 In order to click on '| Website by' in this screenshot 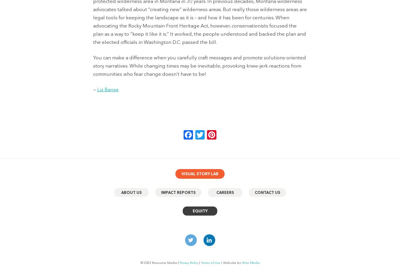, I will do `click(231, 262)`.